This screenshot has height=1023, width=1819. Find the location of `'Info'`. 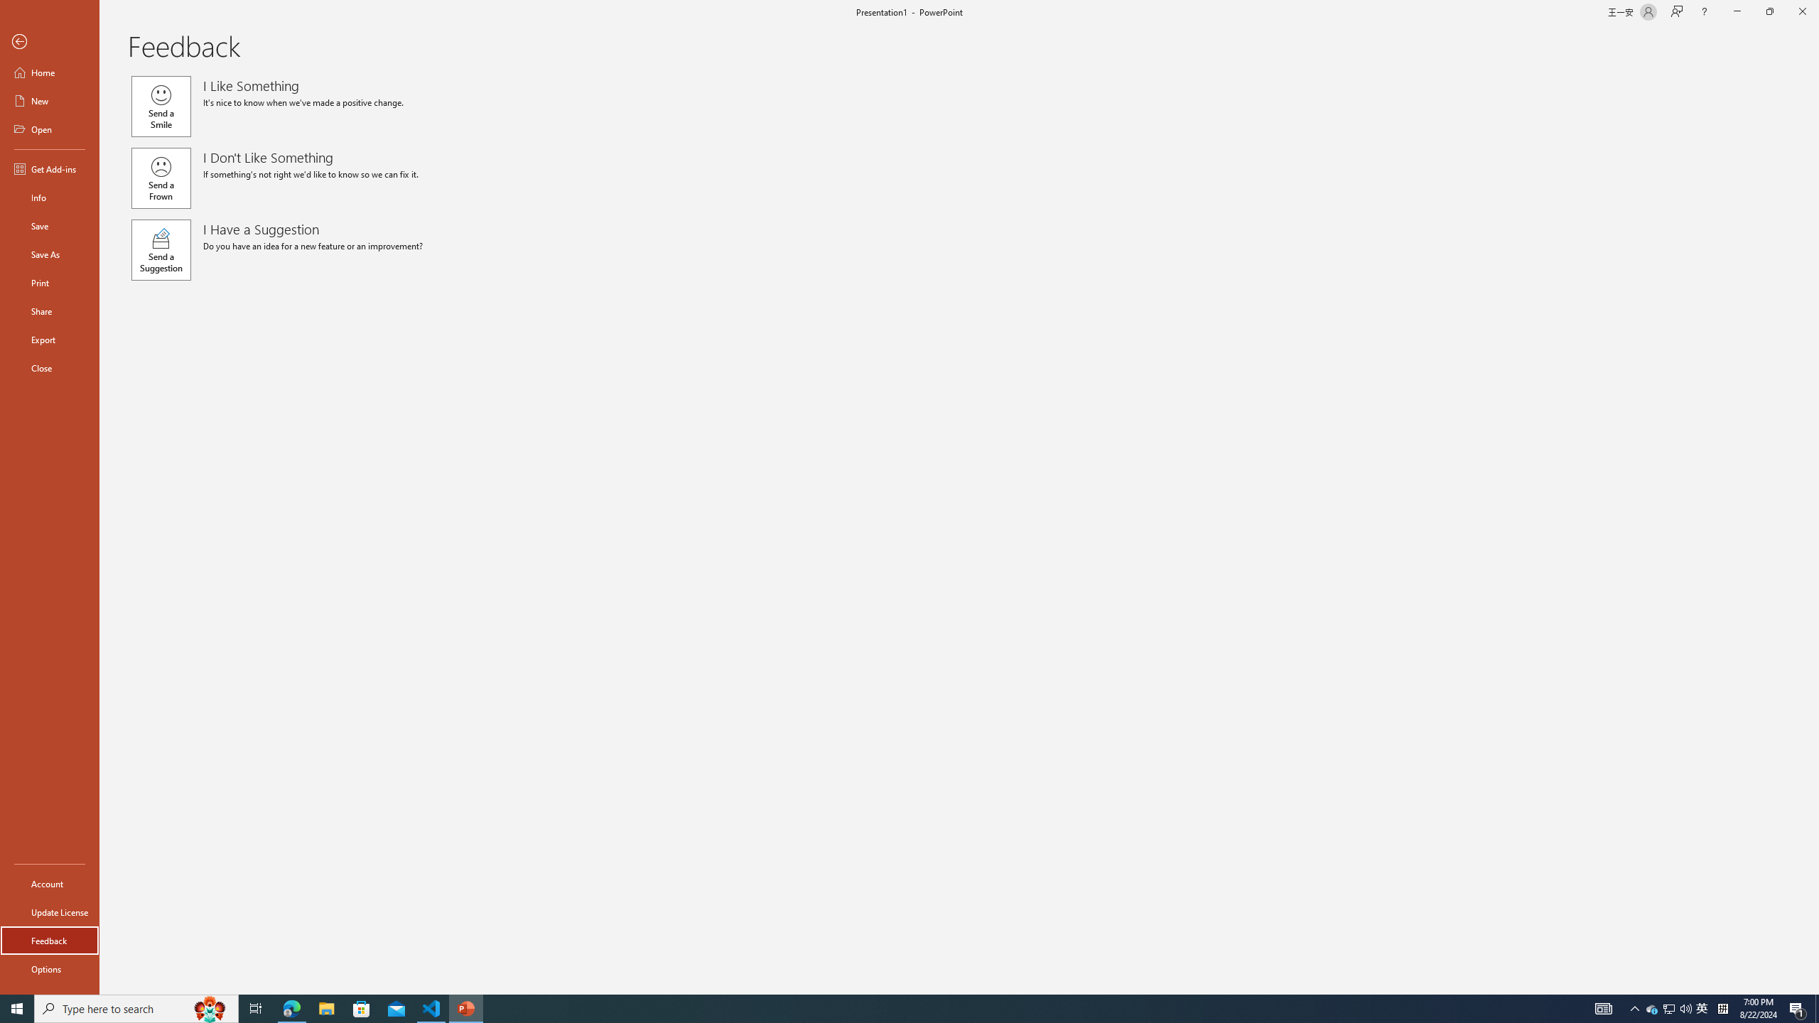

'Info' is located at coordinates (49, 196).